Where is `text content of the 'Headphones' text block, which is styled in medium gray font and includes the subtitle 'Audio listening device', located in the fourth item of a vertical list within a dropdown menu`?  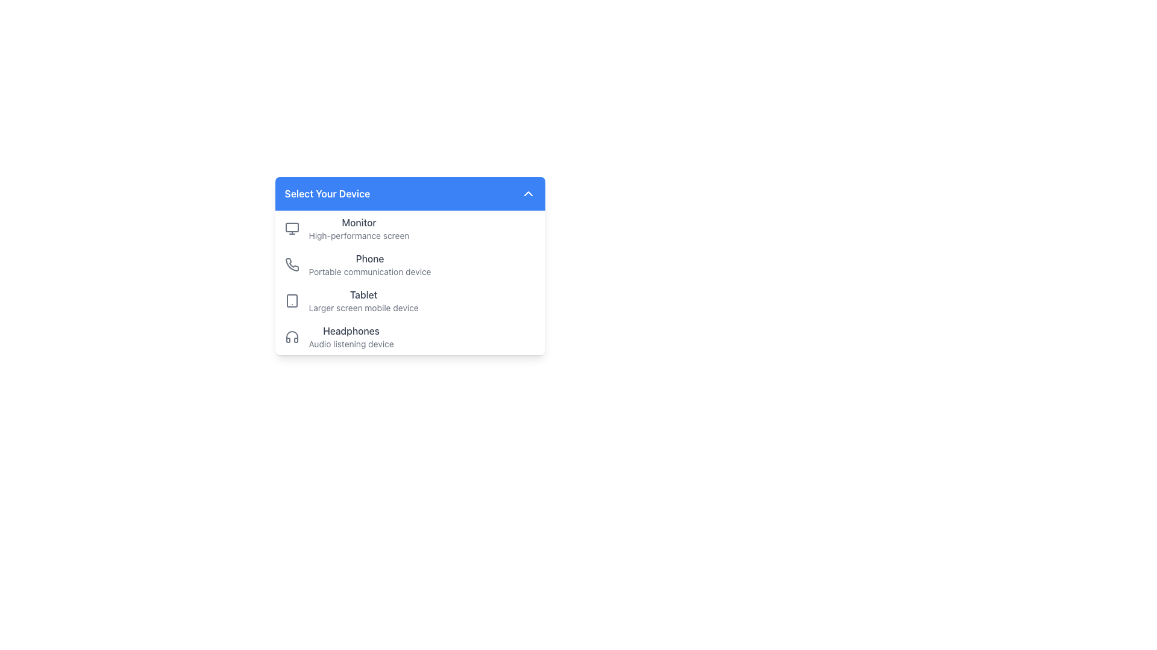 text content of the 'Headphones' text block, which is styled in medium gray font and includes the subtitle 'Audio listening device', located in the fourth item of a vertical list within a dropdown menu is located at coordinates (351, 336).